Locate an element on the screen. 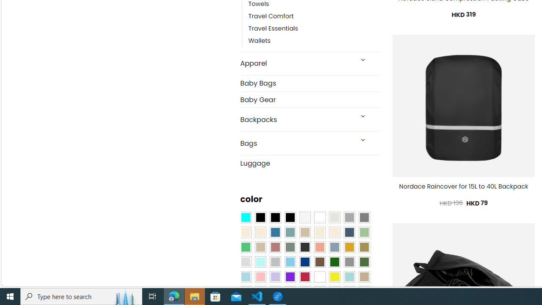 This screenshot has width=542, height=305. 'Apparel' is located at coordinates (296, 63).